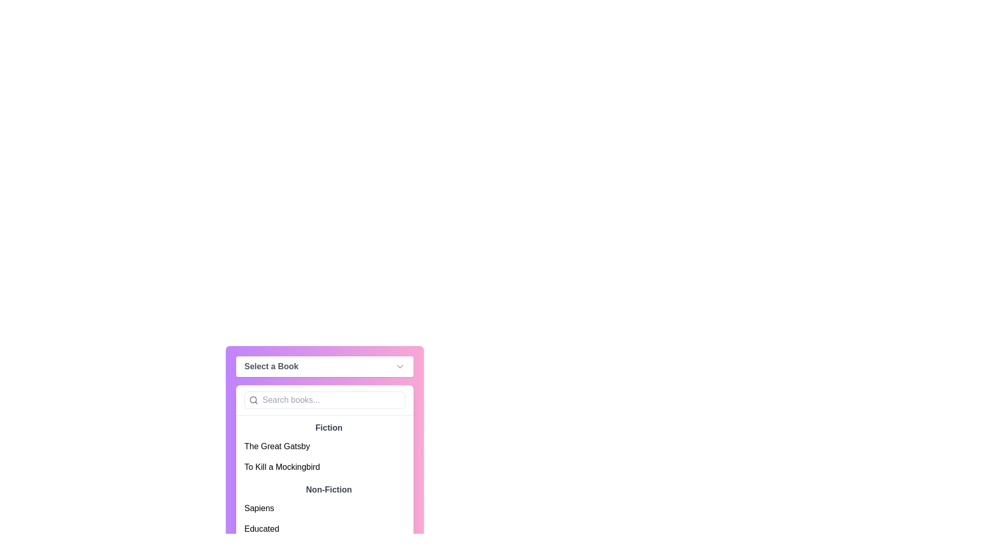 The width and height of the screenshot is (990, 557). I want to click on the List item element displaying 'Sapiens', so click(324, 508).